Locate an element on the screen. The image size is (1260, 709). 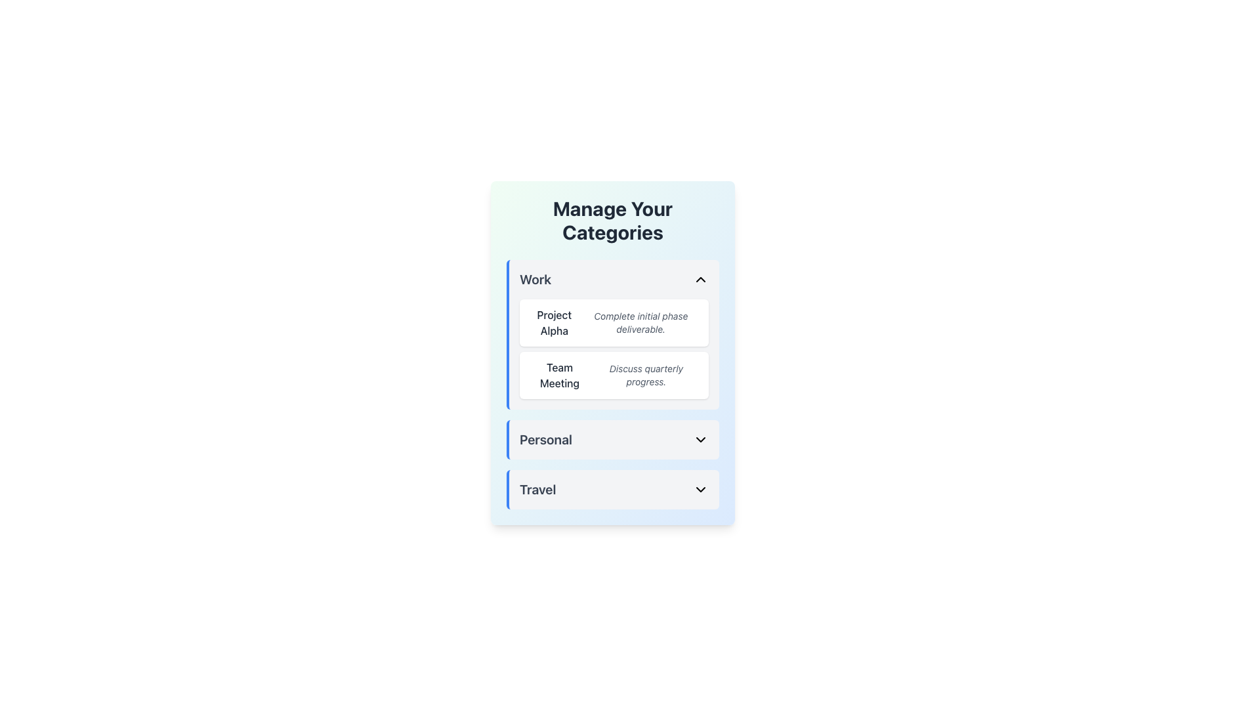
the text label 'Project Alpha' which is styled with a grayish-black font and is positioned within a white rounded box, located to the left of the descriptive text 'Complete initial phase deliverable.' is located at coordinates (554, 323).